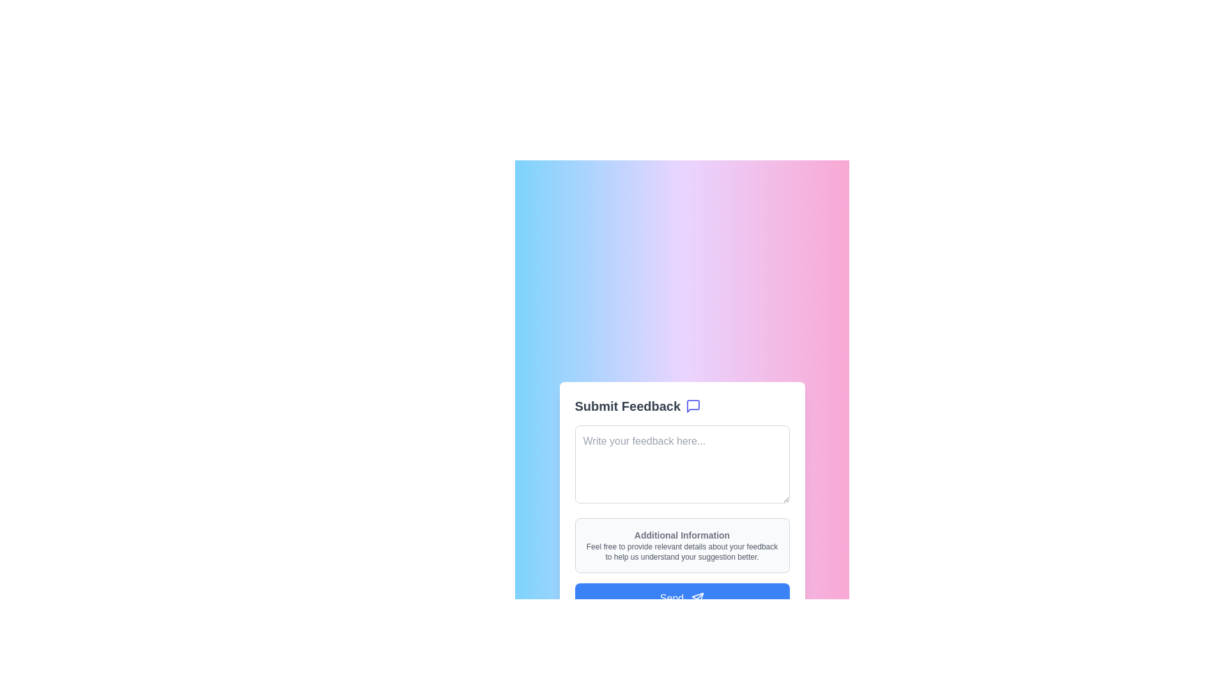 The image size is (1227, 690). I want to click on the paper plane icon within the blue 'Send' button at the bottom of the feedback submission form, so click(697, 598).